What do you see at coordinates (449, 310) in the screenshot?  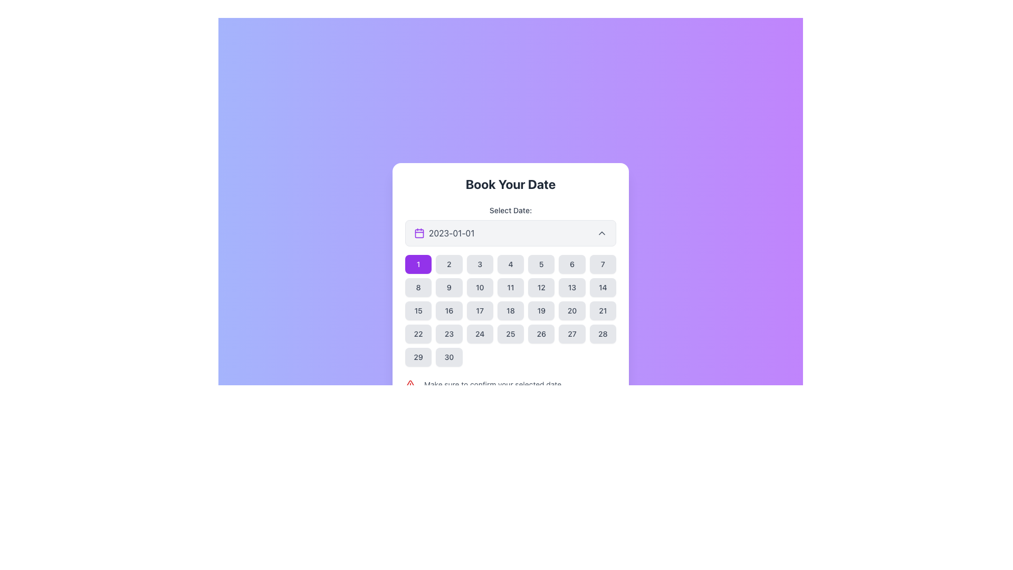 I see `the rounded rectangular button labeled '16' in the 'Select Date' section` at bounding box center [449, 310].